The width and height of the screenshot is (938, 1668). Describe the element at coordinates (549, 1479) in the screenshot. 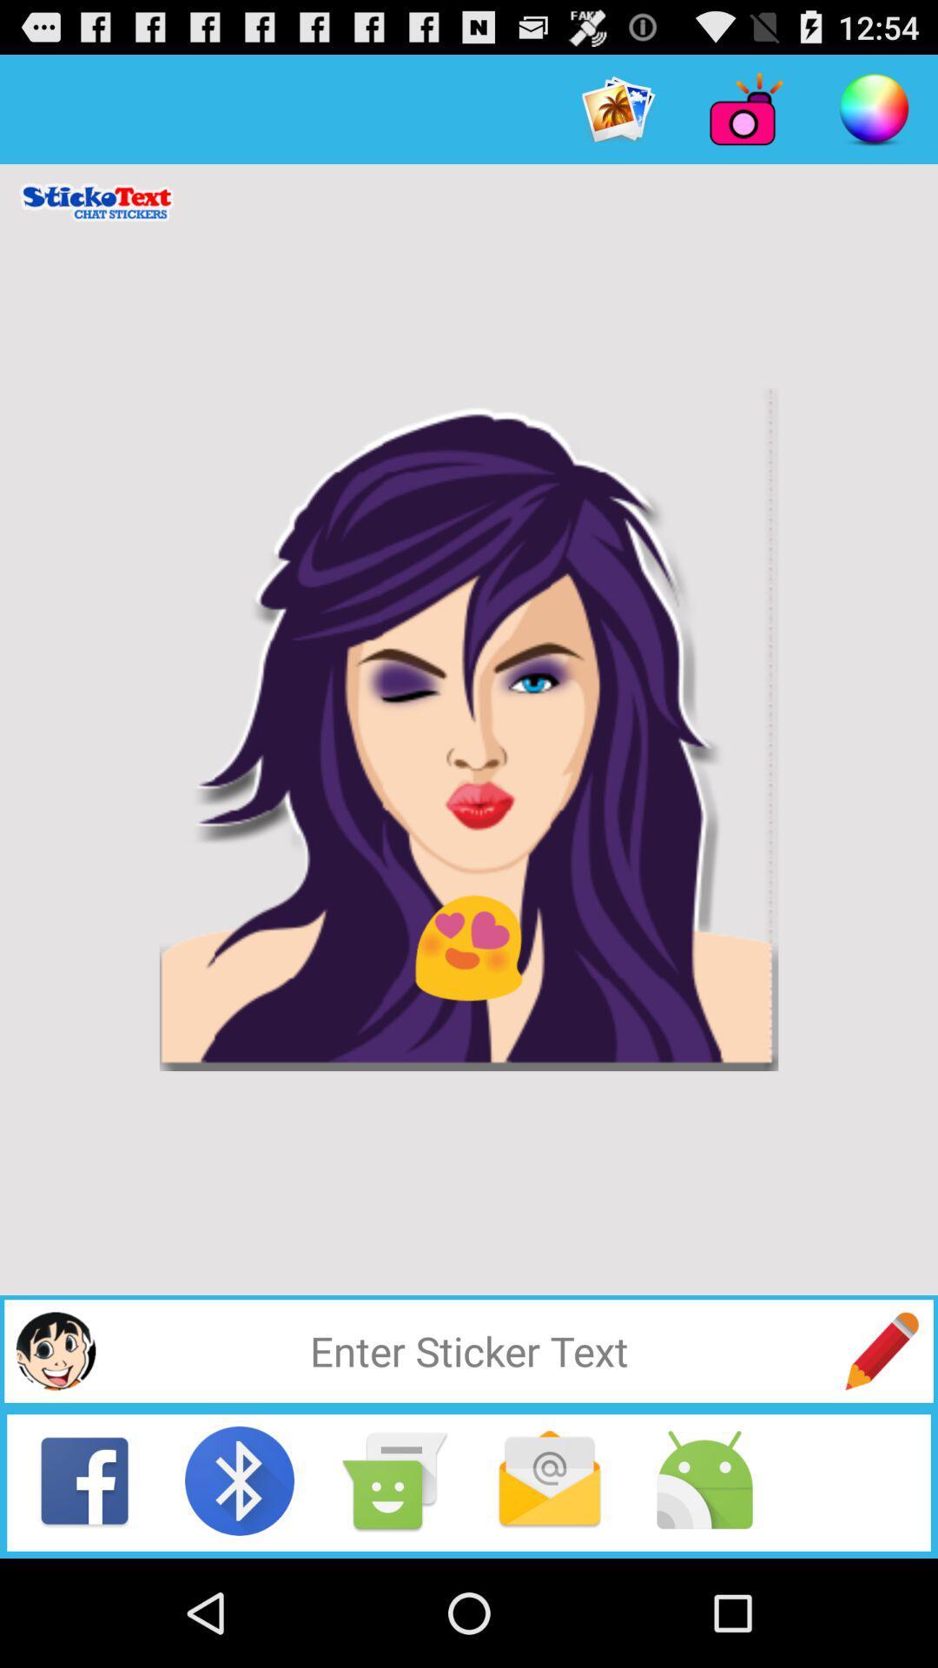

I see `share via email` at that location.